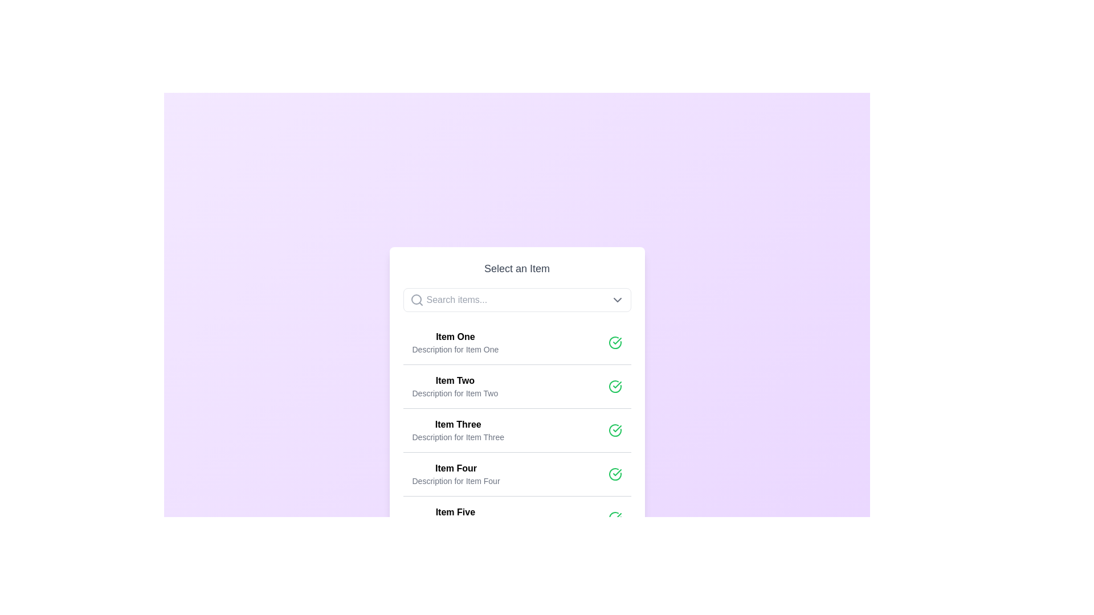 Image resolution: width=1094 pixels, height=615 pixels. I want to click on the descriptive text label styled in a smaller gray font that provides additional details for 'Item Four', positioned directly beneath its heading, so click(456, 481).